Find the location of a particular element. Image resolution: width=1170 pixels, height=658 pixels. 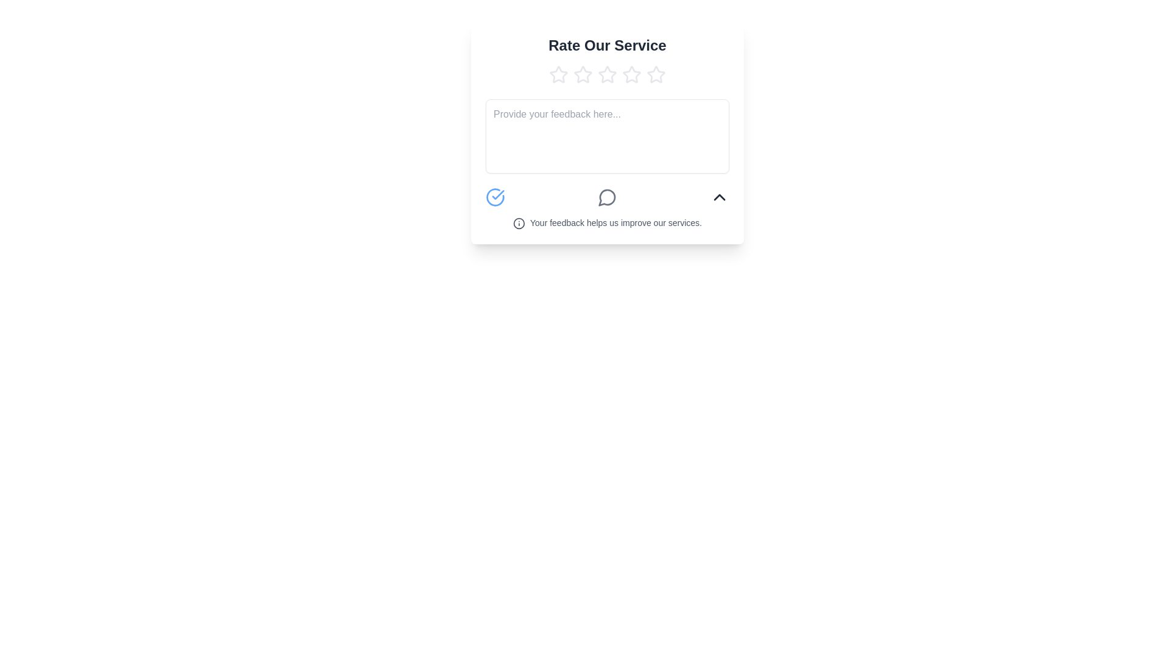

the circular SVG component located below the feedback input section and to the left of the feedback description is located at coordinates (519, 224).